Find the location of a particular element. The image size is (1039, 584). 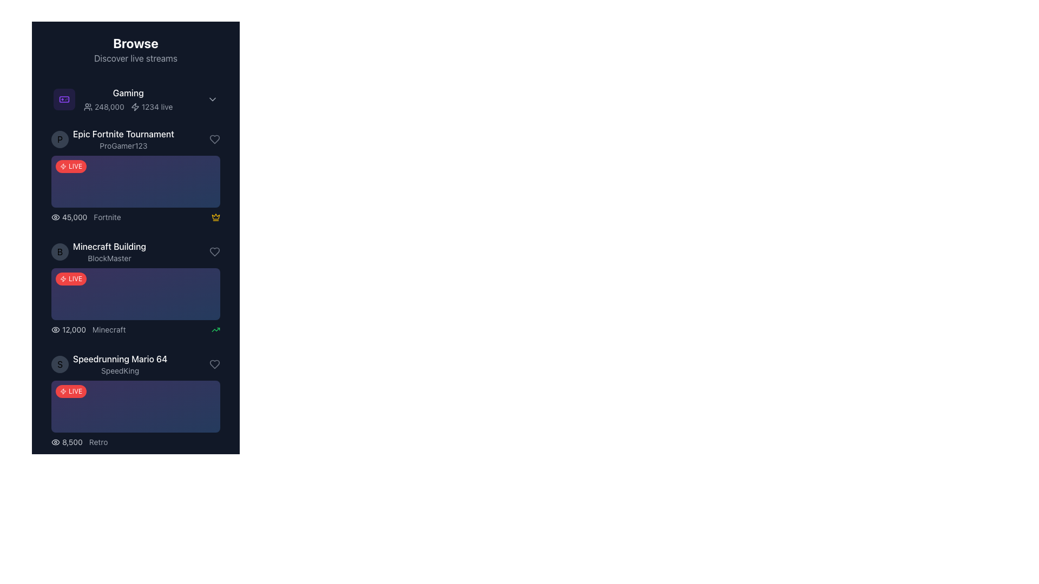

the list item containing 'Epic Fortnite Tournament' and 'ProGamer123' is located at coordinates (135, 139).